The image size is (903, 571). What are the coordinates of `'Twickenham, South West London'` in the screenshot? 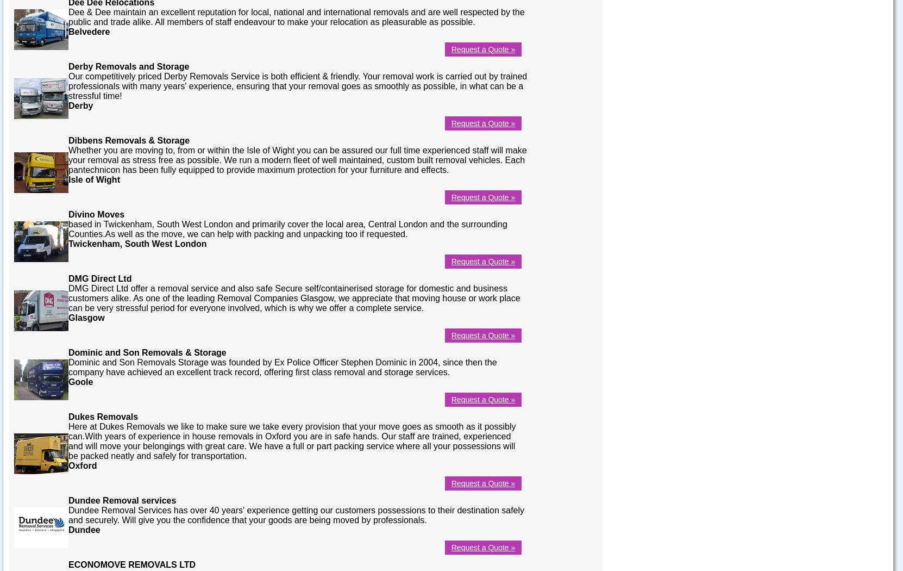 It's located at (137, 243).